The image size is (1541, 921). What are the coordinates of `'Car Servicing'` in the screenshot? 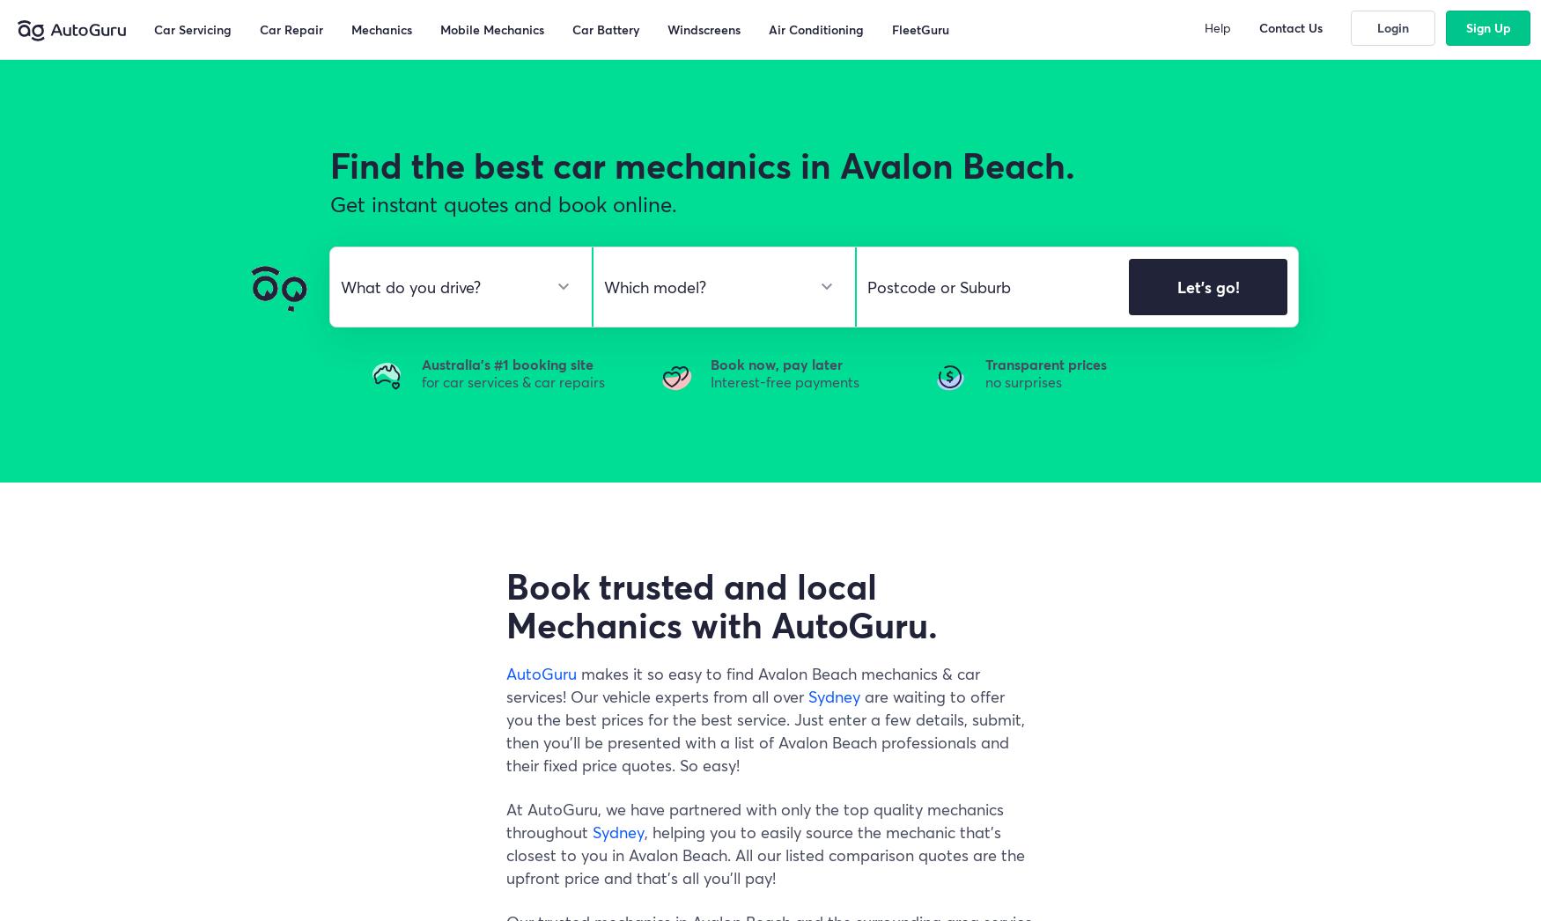 It's located at (192, 27).